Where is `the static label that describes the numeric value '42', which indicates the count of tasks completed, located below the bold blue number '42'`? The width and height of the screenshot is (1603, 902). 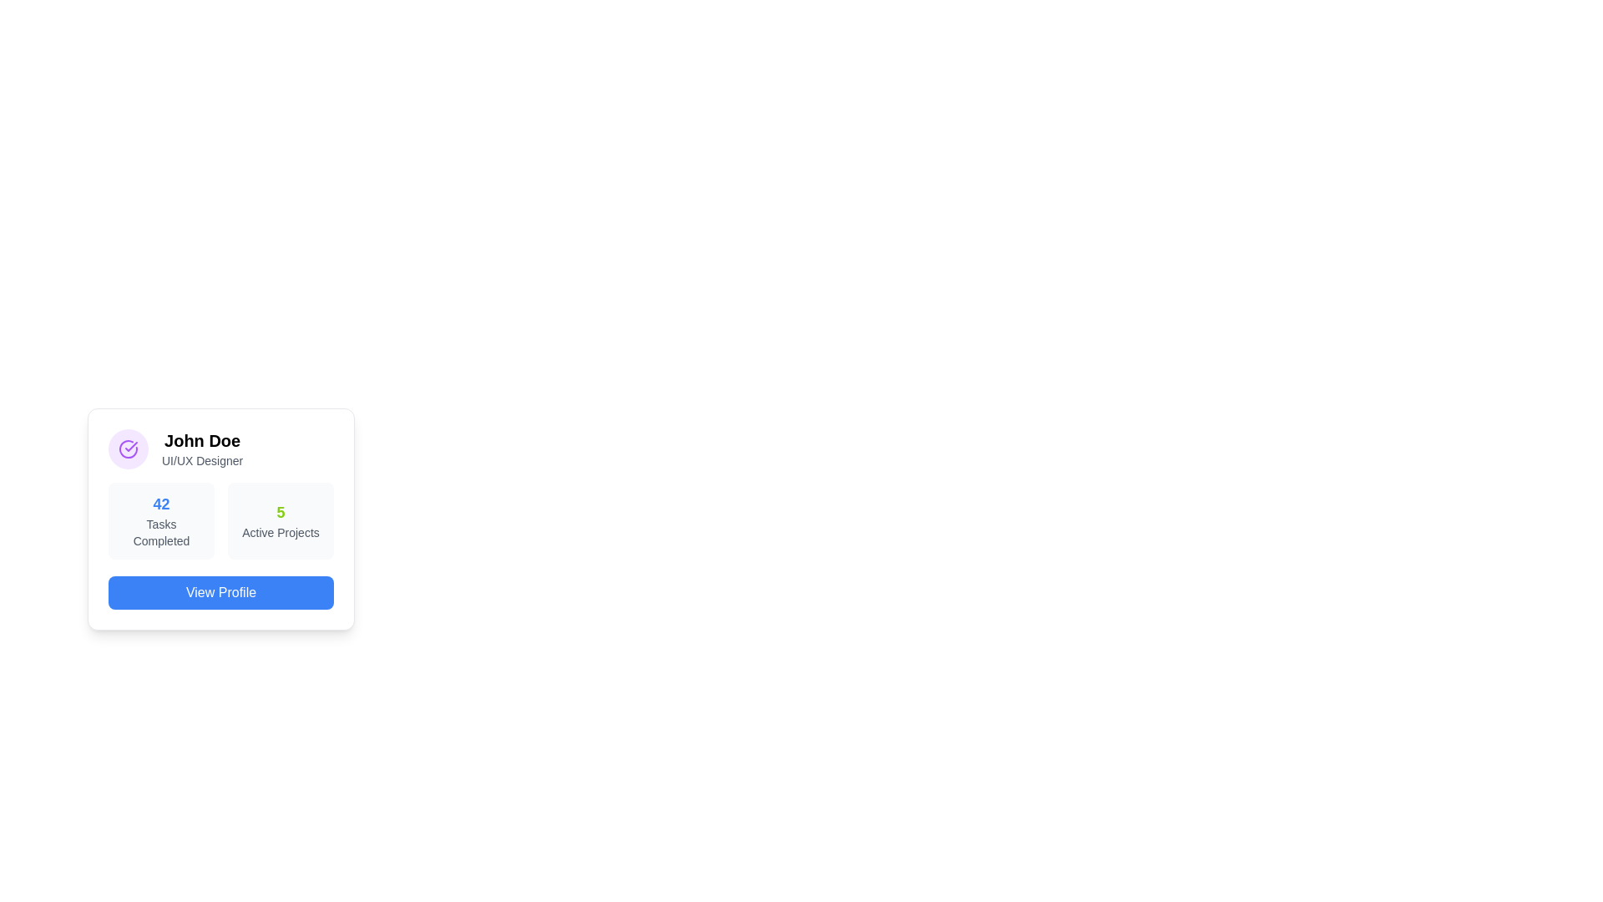
the static label that describes the numeric value '42', which indicates the count of tasks completed, located below the bold blue number '42' is located at coordinates (161, 532).